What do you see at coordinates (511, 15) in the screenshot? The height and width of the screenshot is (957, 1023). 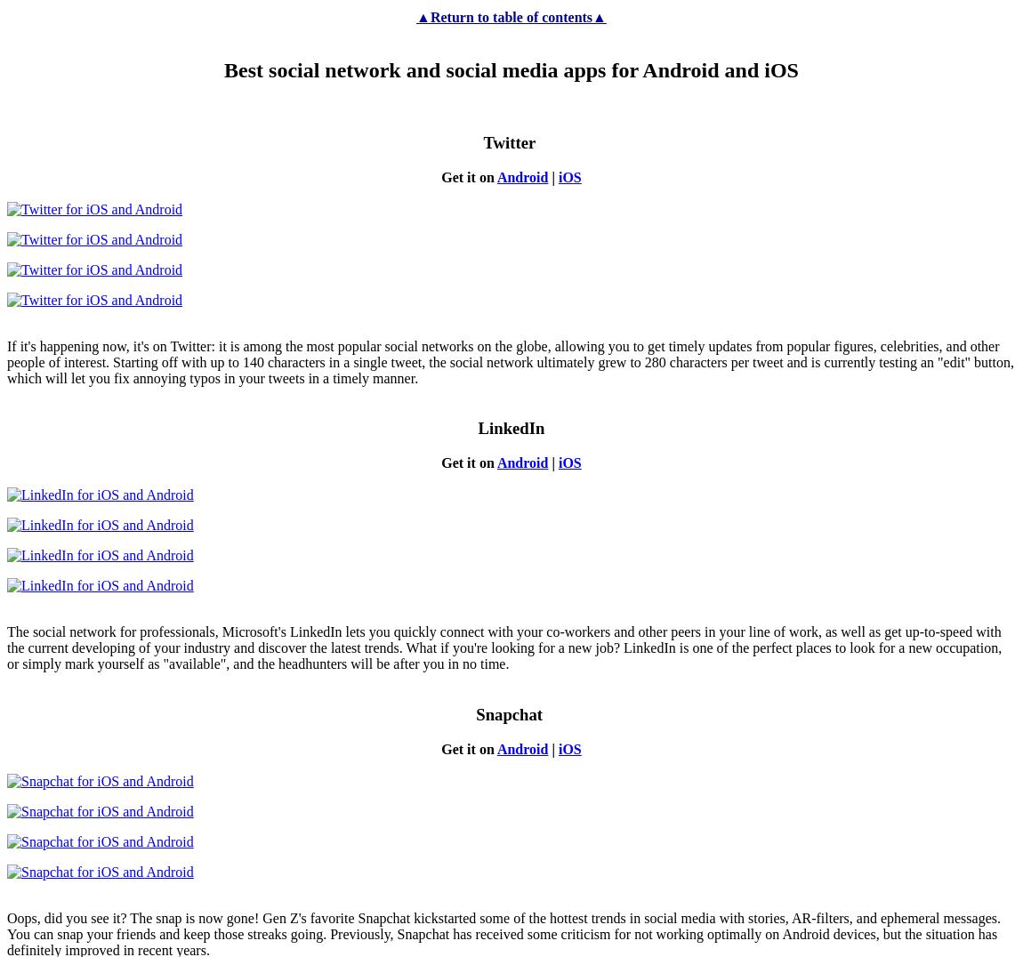 I see `'▲Return to table of contents▲'` at bounding box center [511, 15].